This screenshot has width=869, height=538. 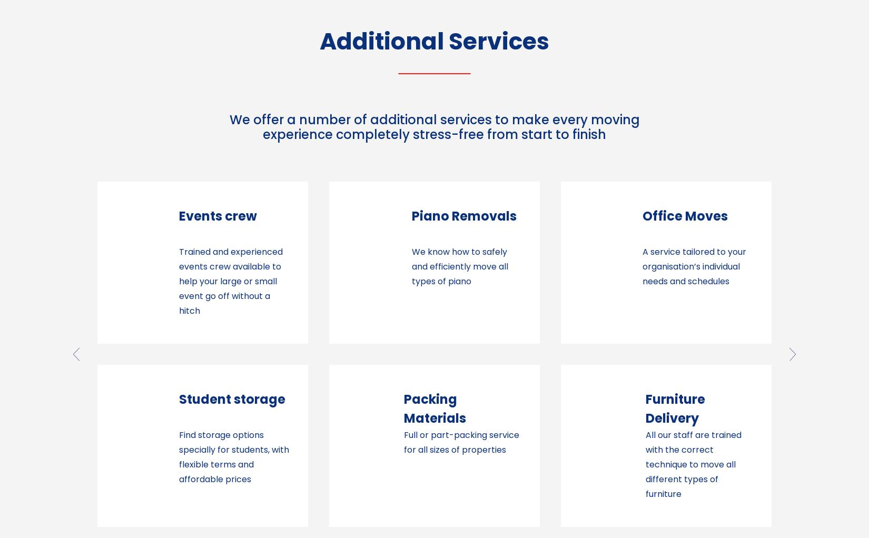 What do you see at coordinates (434, 41) in the screenshot?
I see `'Additional Services'` at bounding box center [434, 41].